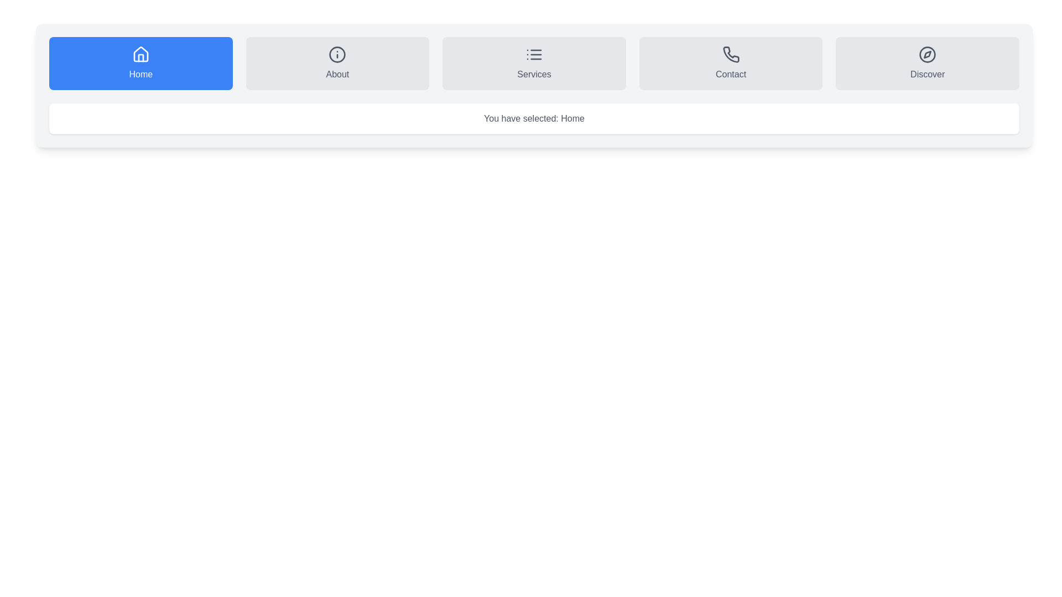 This screenshot has height=597, width=1062. Describe the element at coordinates (140, 75) in the screenshot. I see `the 'Home' text label, which is styled in white text on a blue background and is located centrally below a house-shaped icon in the top left button of the navigation menu bar` at that location.